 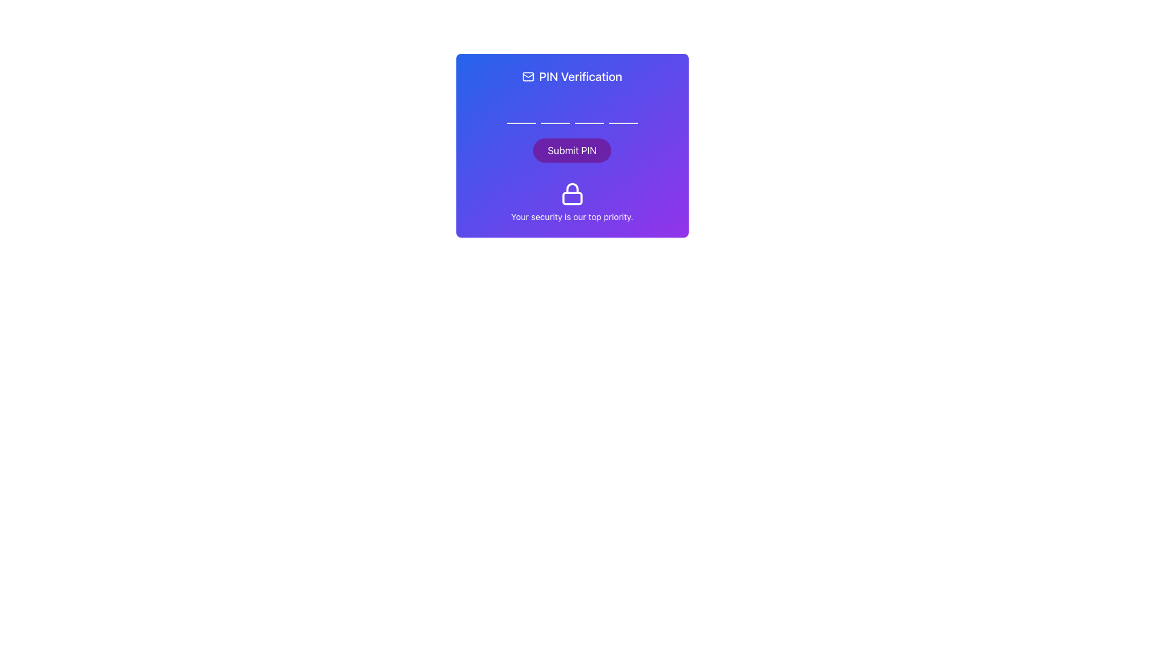 I want to click on one of the four text input boxes aligned horizontally in the group located below the 'PIN Verification' heading and above the 'Submit PIN' button, so click(x=571, y=109).